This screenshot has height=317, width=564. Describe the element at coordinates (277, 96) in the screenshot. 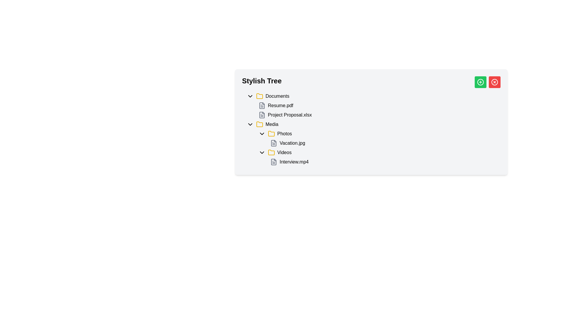

I see `the 'Documents' text label located` at that location.